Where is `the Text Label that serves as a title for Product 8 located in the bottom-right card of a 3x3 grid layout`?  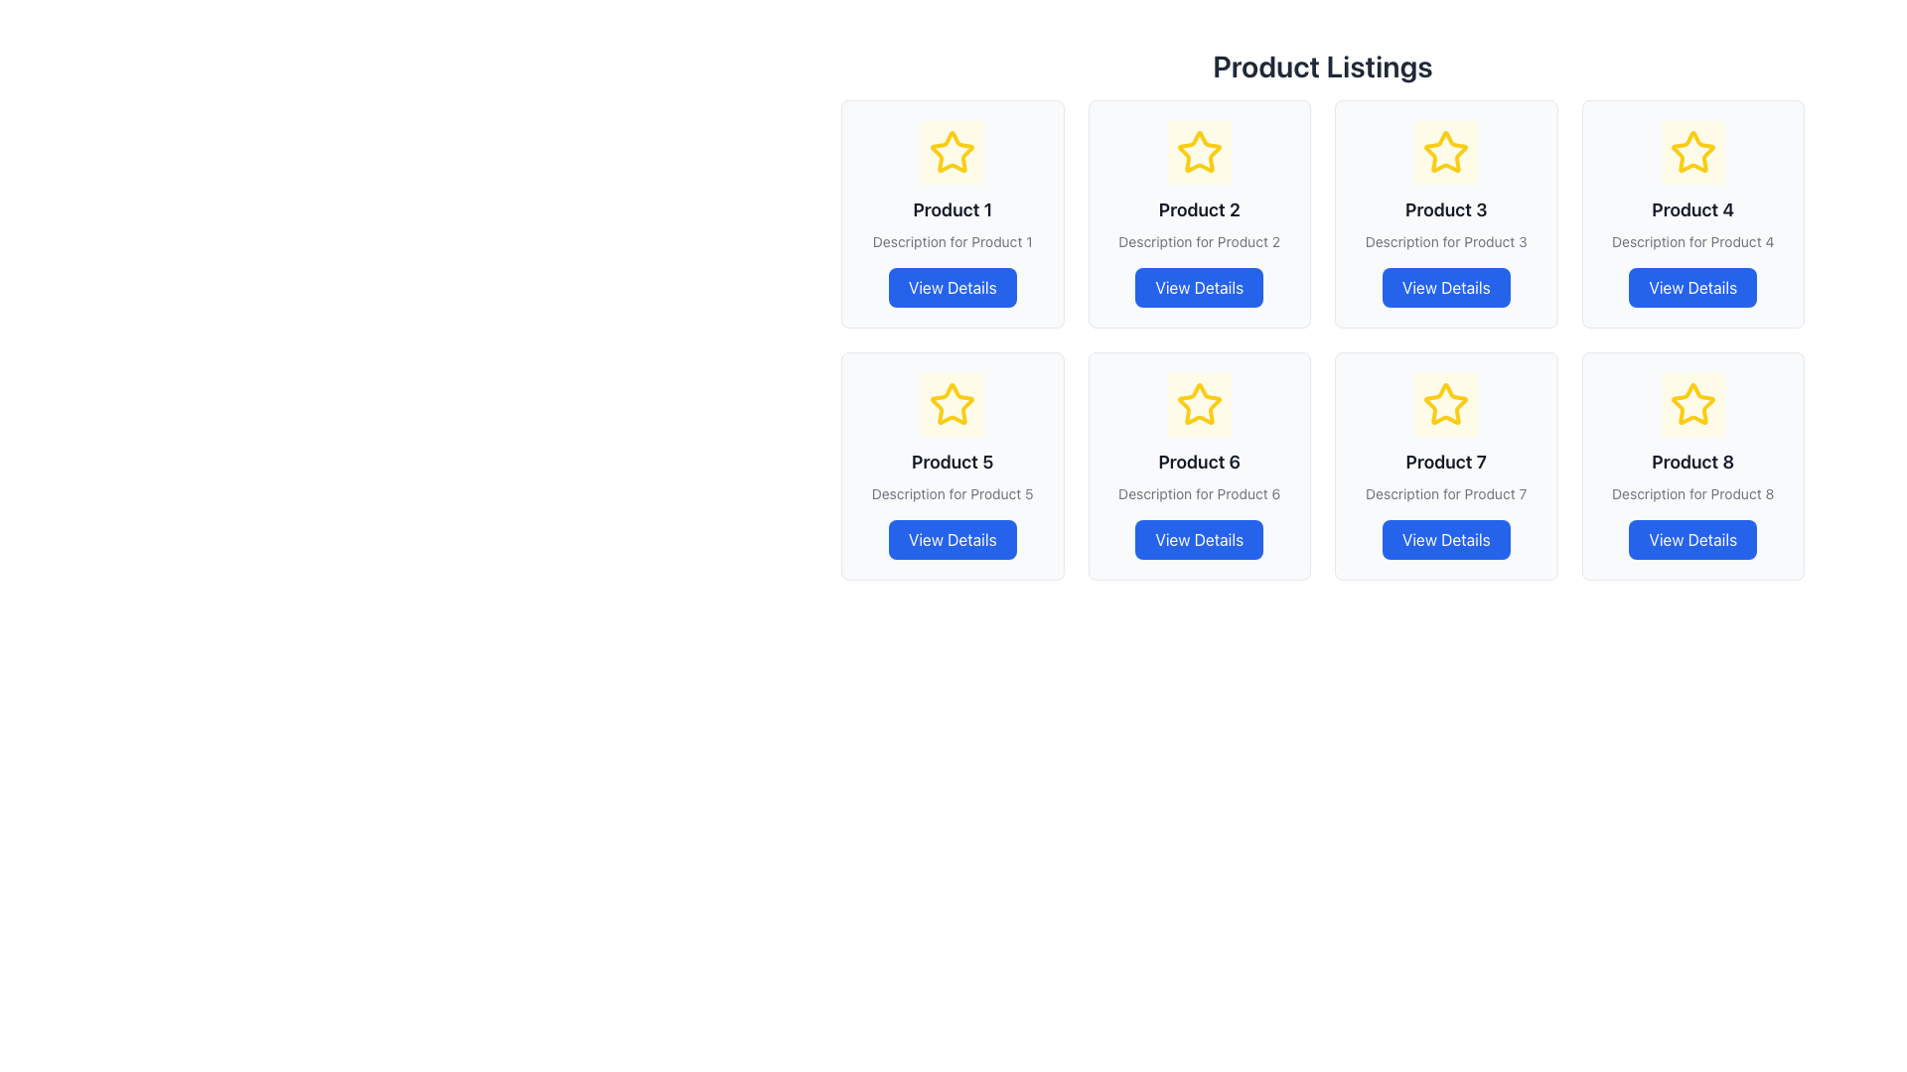 the Text Label that serves as a title for Product 8 located in the bottom-right card of a 3x3 grid layout is located at coordinates (1691, 463).